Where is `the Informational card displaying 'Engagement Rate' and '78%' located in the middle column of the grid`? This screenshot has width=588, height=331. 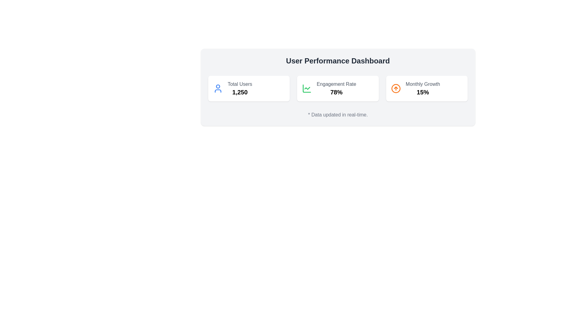 the Informational card displaying 'Engagement Rate' and '78%' located in the middle column of the grid is located at coordinates (337, 89).